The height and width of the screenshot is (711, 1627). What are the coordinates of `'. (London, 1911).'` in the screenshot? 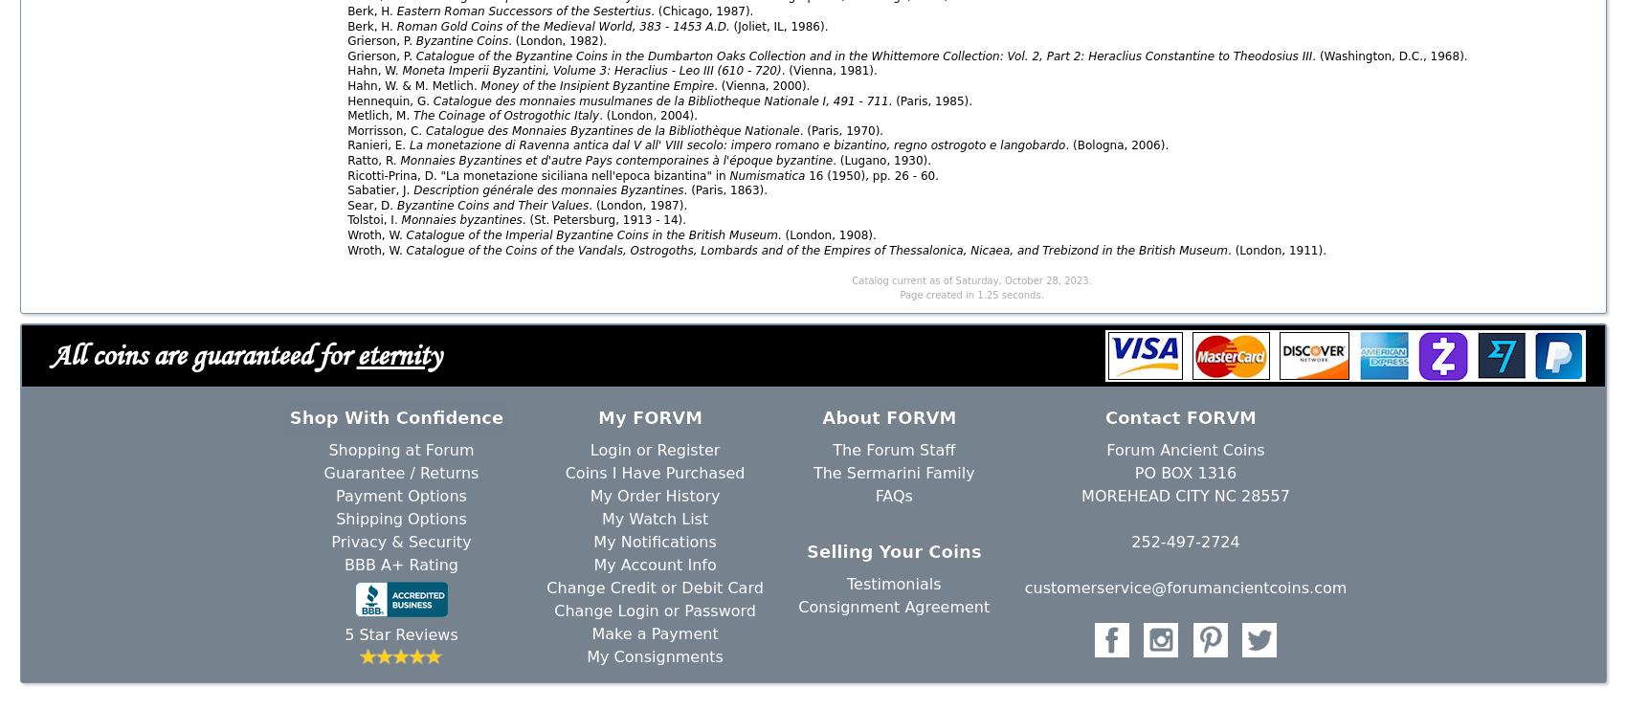 It's located at (1276, 249).